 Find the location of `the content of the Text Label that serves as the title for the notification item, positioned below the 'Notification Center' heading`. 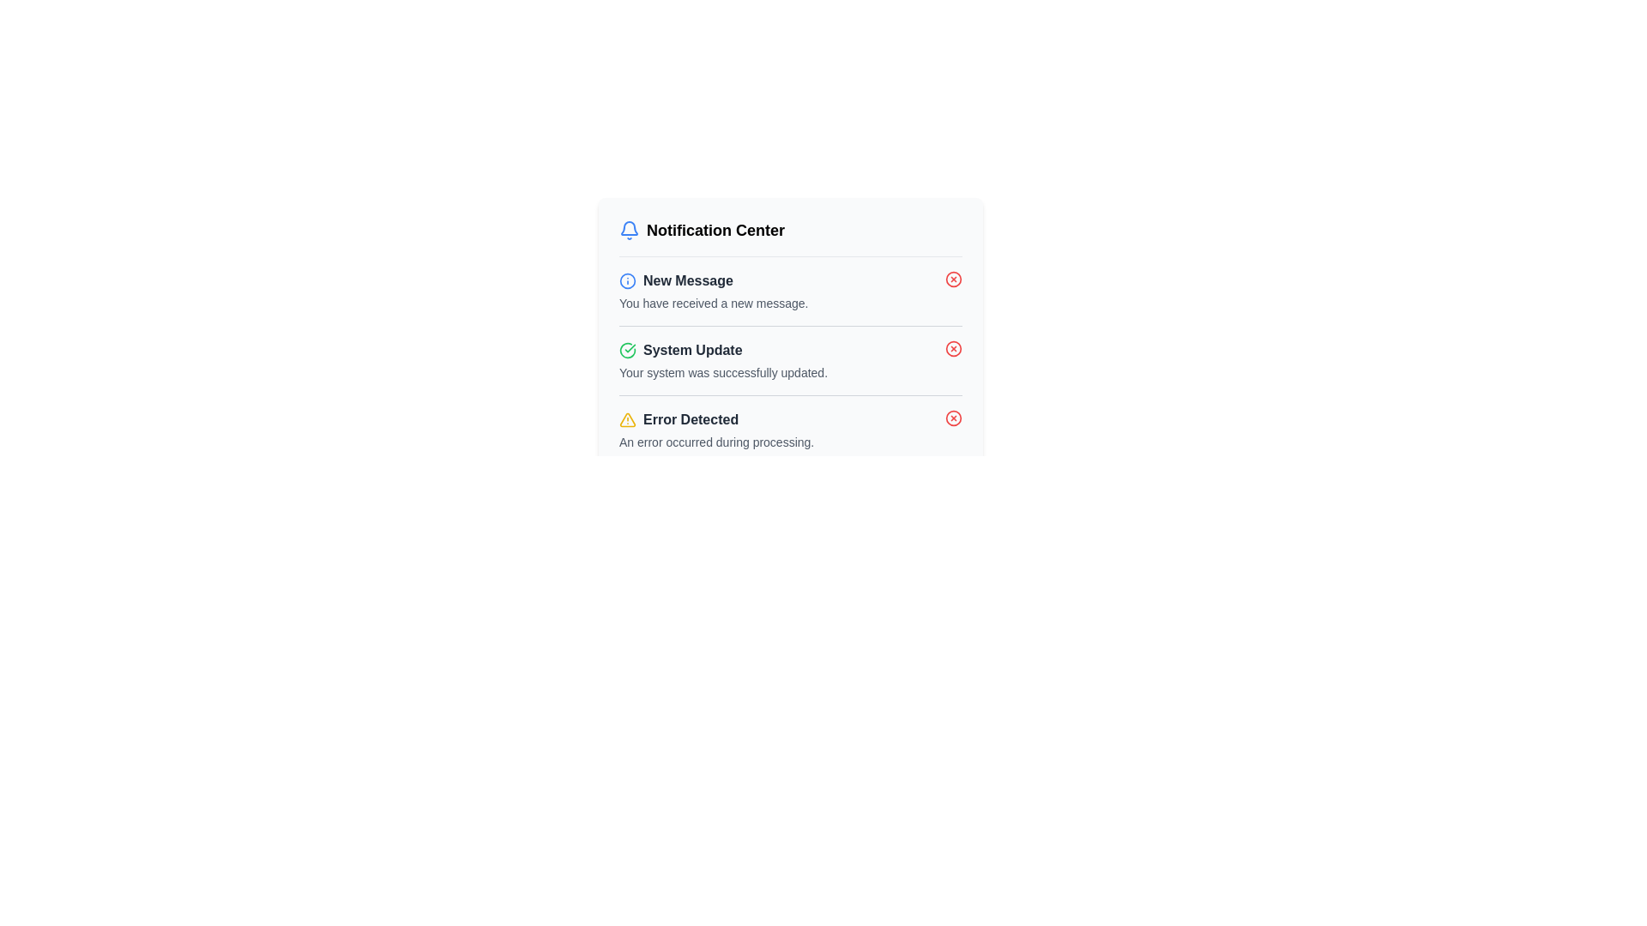

the content of the Text Label that serves as the title for the notification item, positioned below the 'Notification Center' heading is located at coordinates (688, 280).